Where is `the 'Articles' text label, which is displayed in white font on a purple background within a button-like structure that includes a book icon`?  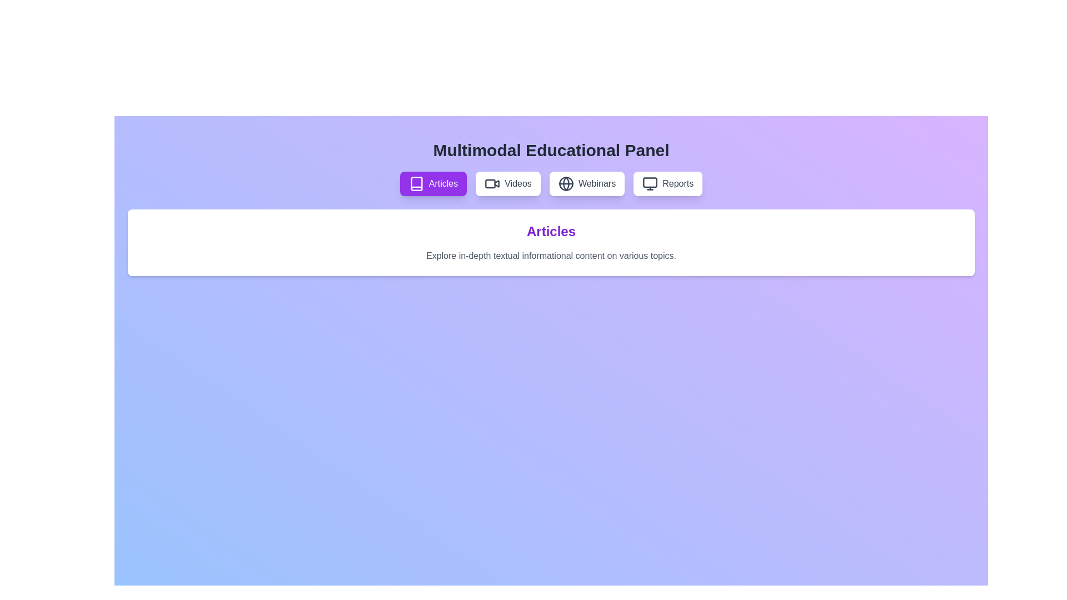 the 'Articles' text label, which is displayed in white font on a purple background within a button-like structure that includes a book icon is located at coordinates (442, 183).